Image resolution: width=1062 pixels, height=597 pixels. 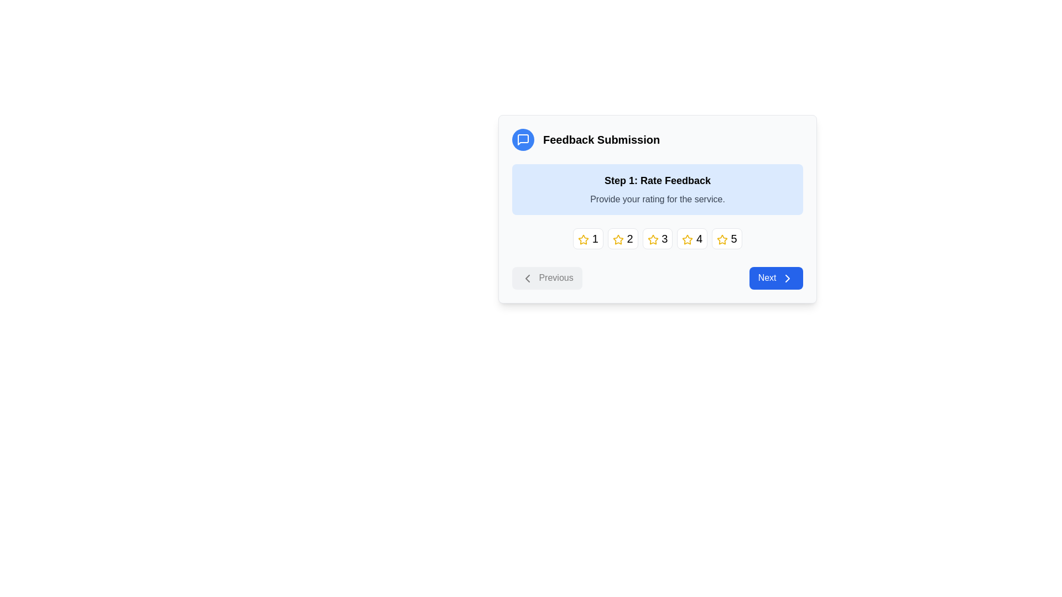 What do you see at coordinates (691, 238) in the screenshot?
I see `the fourth star rating button, which allows users to select a rating of four stars out of five` at bounding box center [691, 238].